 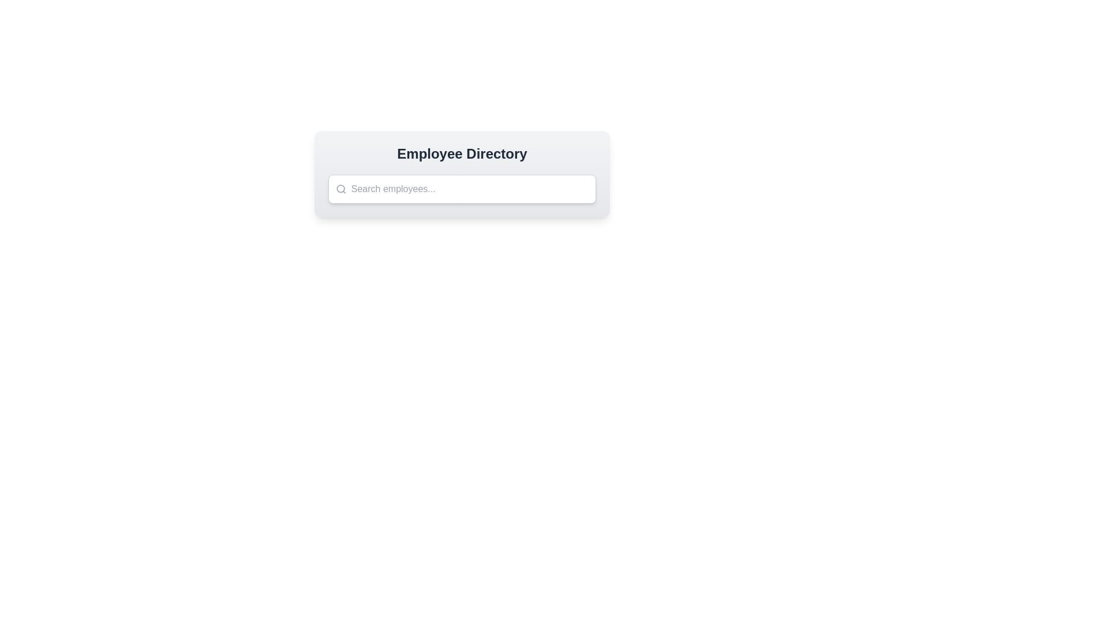 What do you see at coordinates (462, 153) in the screenshot?
I see `the 'Employee Directory' text header, which is styled in bold and large font and serves as the main title of the section` at bounding box center [462, 153].